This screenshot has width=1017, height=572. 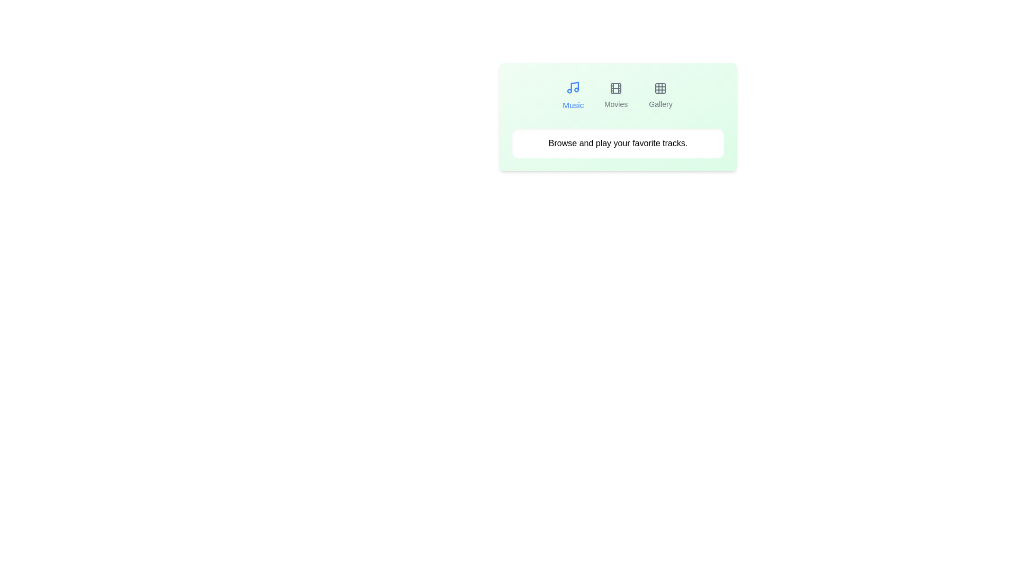 What do you see at coordinates (660, 96) in the screenshot?
I see `the tab button labeled Gallery` at bounding box center [660, 96].